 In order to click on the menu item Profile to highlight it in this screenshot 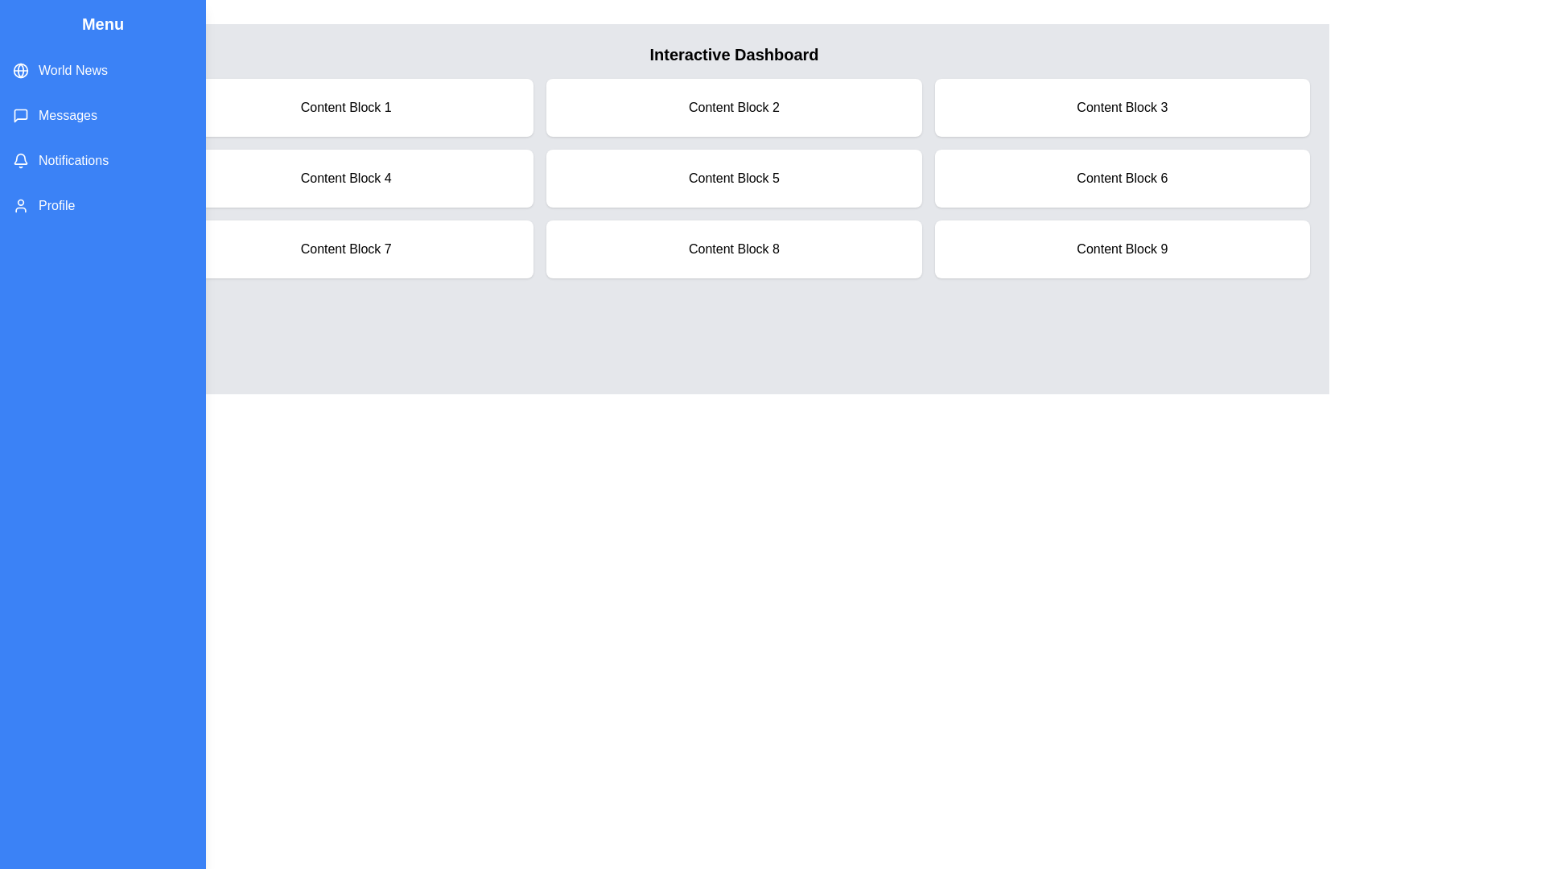, I will do `click(102, 204)`.